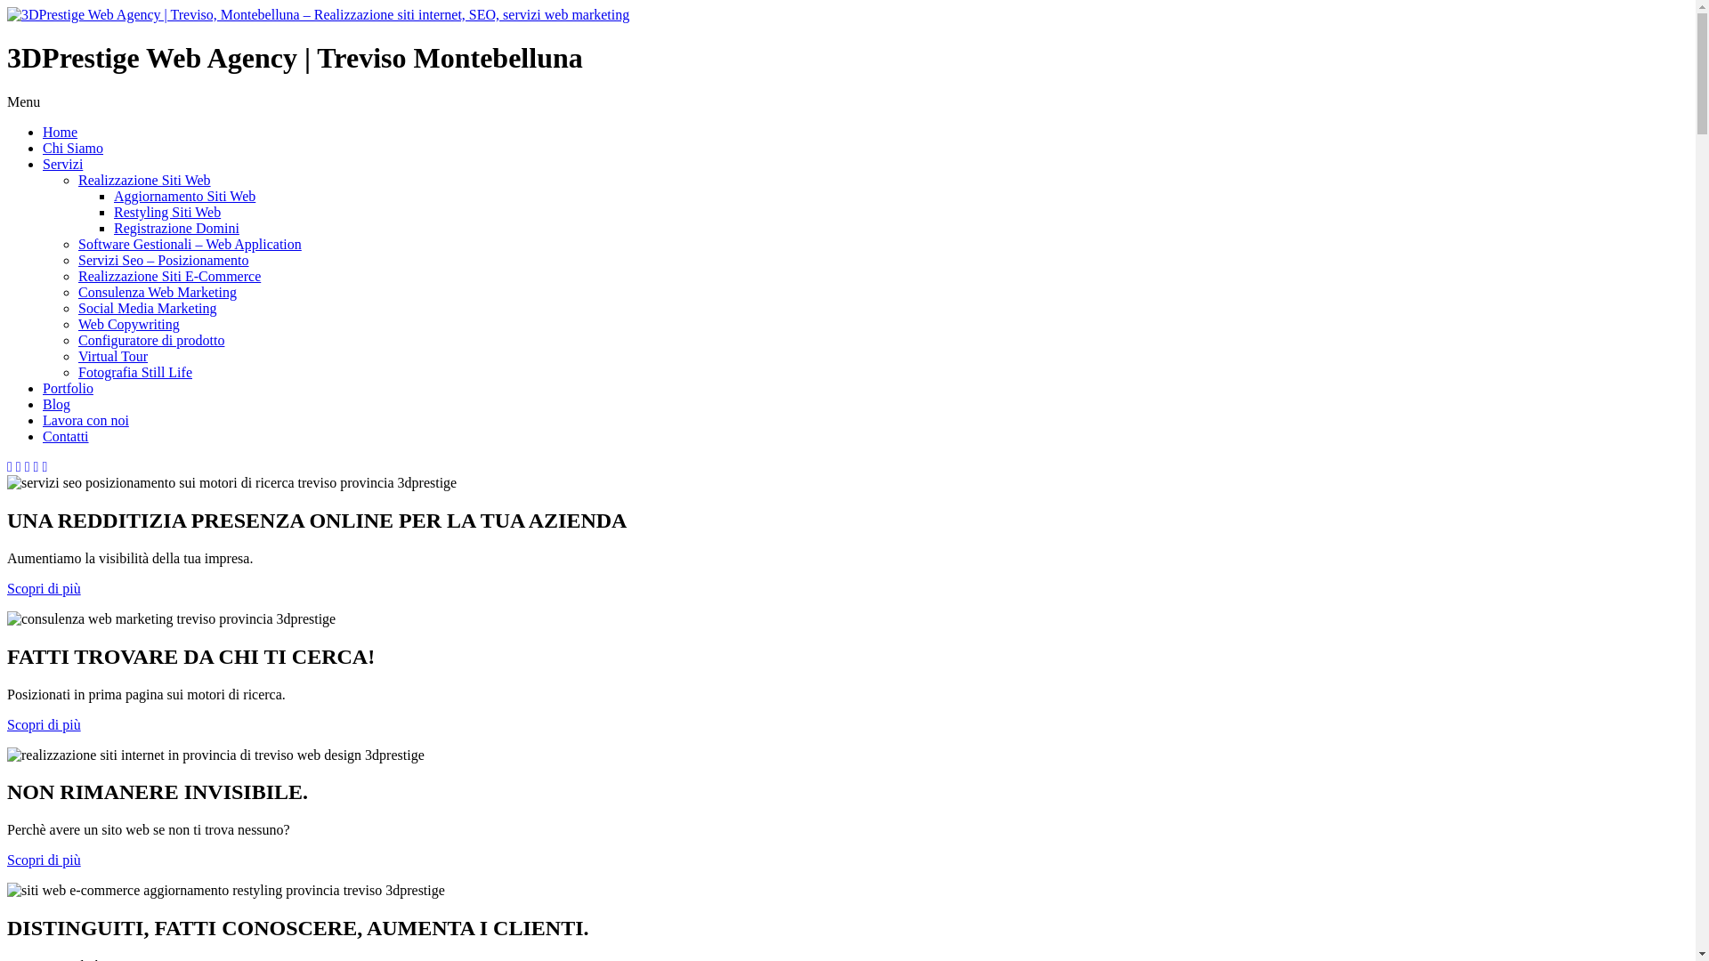 This screenshot has width=1709, height=961. Describe the element at coordinates (60, 131) in the screenshot. I see `'Home'` at that location.